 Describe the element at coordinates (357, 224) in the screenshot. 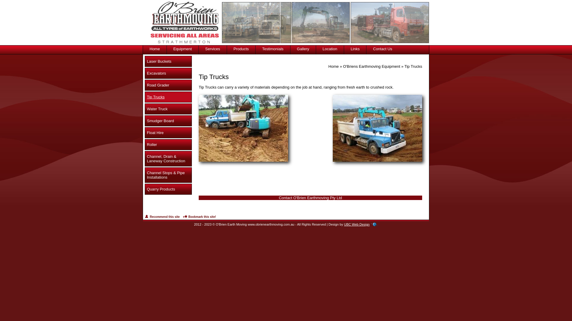

I see `'UBC Web Design'` at that location.